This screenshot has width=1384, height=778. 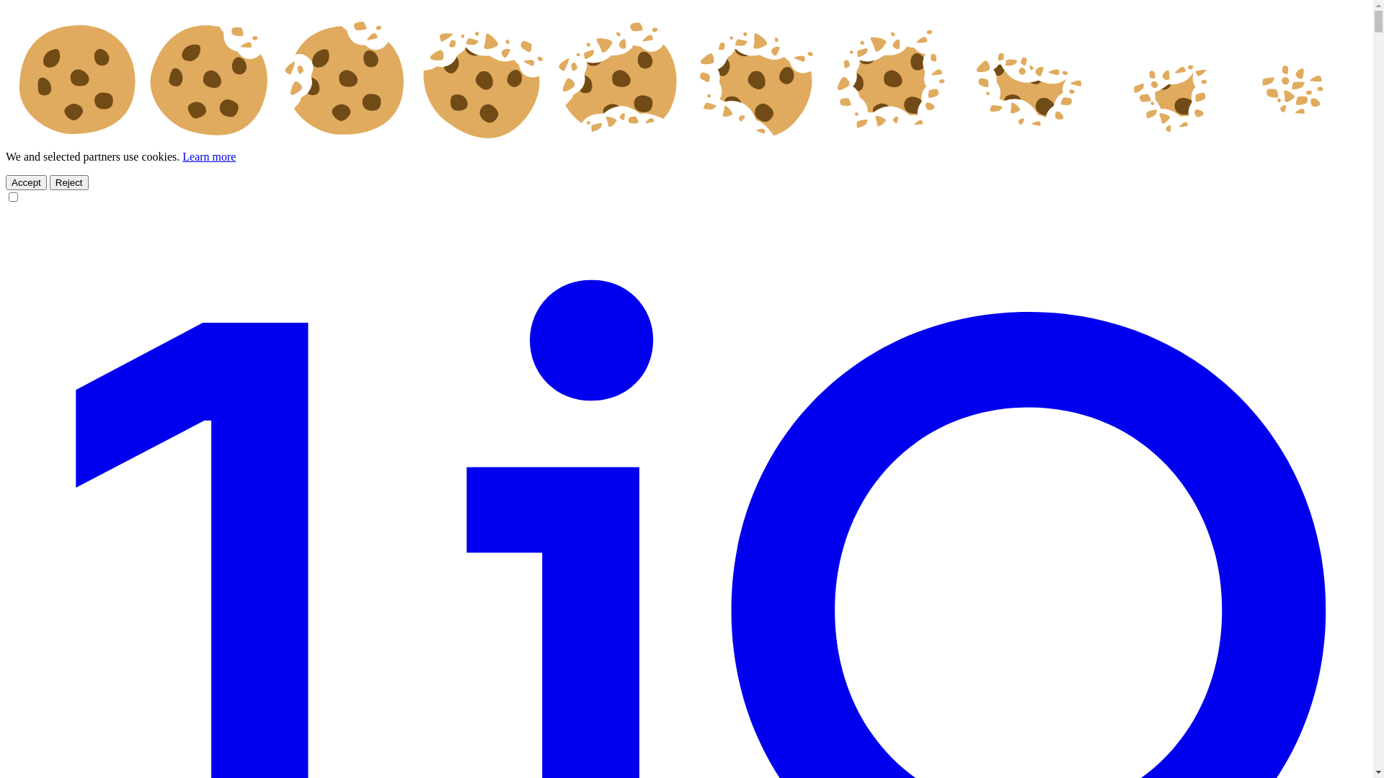 I want to click on 'Reject', so click(x=68, y=182).